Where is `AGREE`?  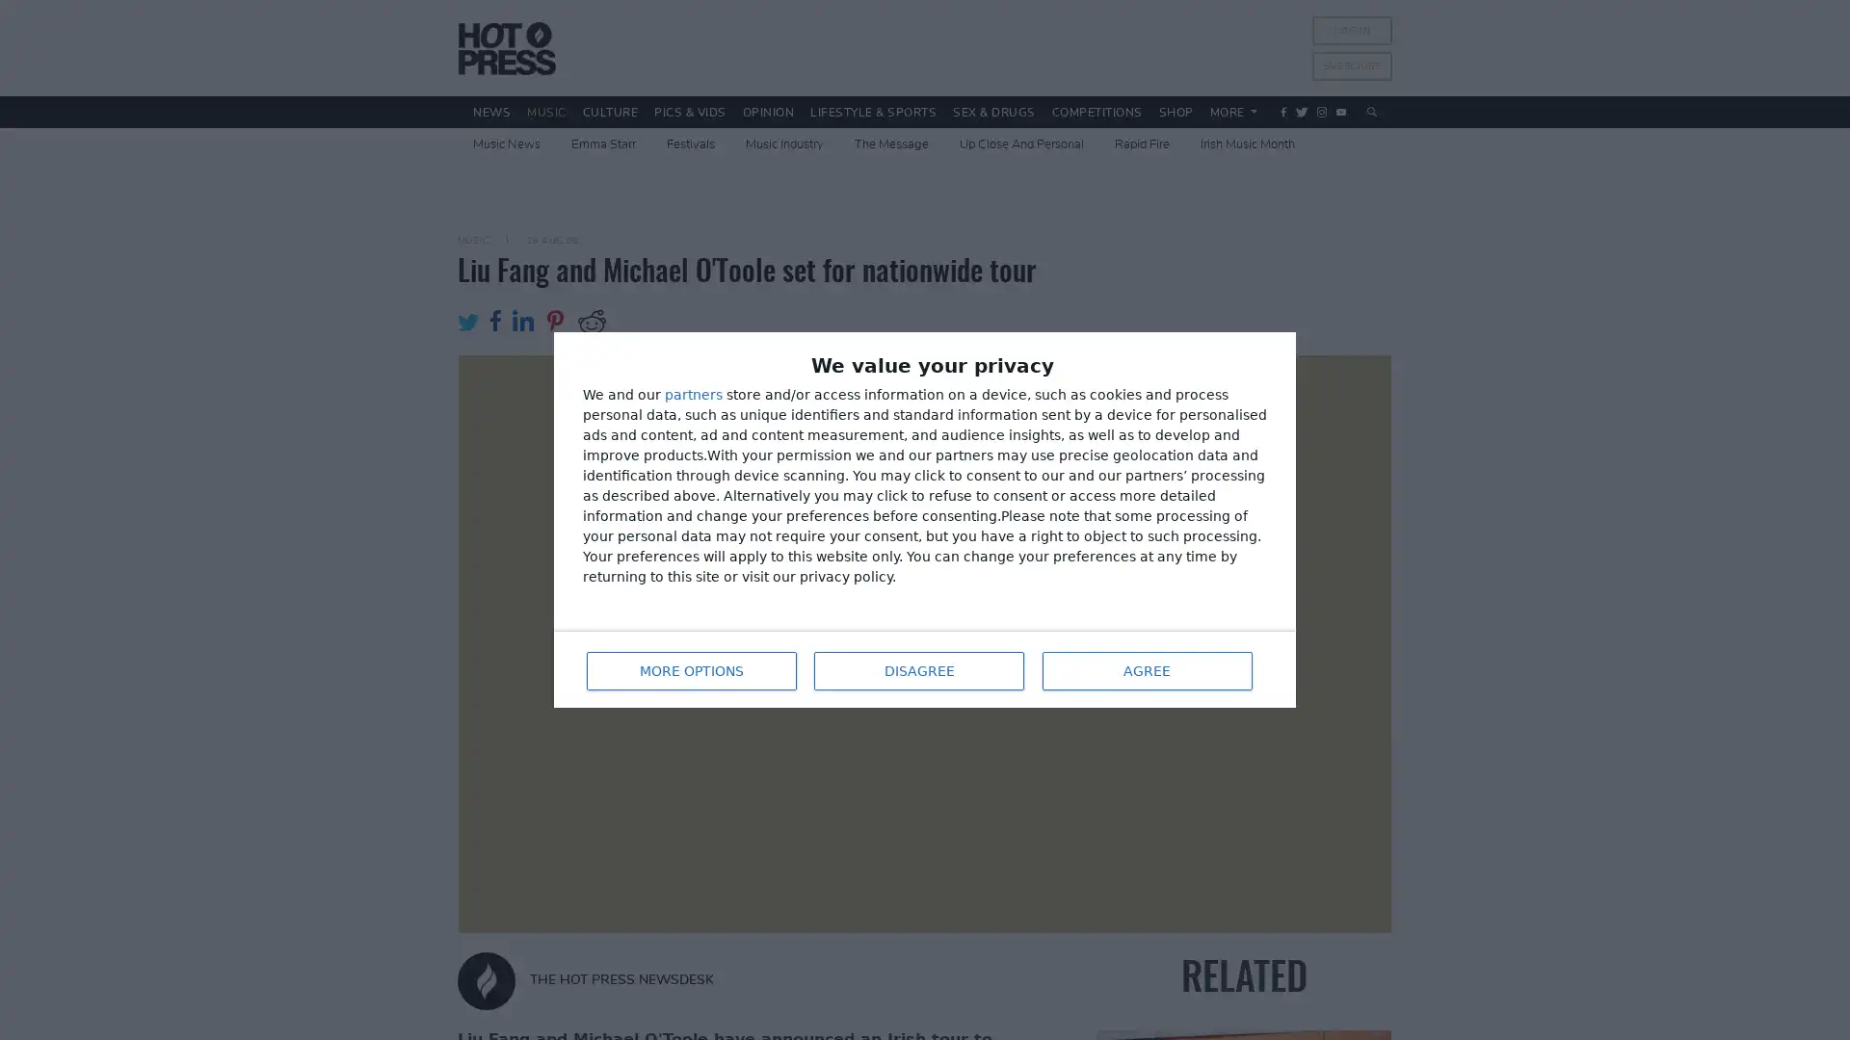
AGREE is located at coordinates (1146, 667).